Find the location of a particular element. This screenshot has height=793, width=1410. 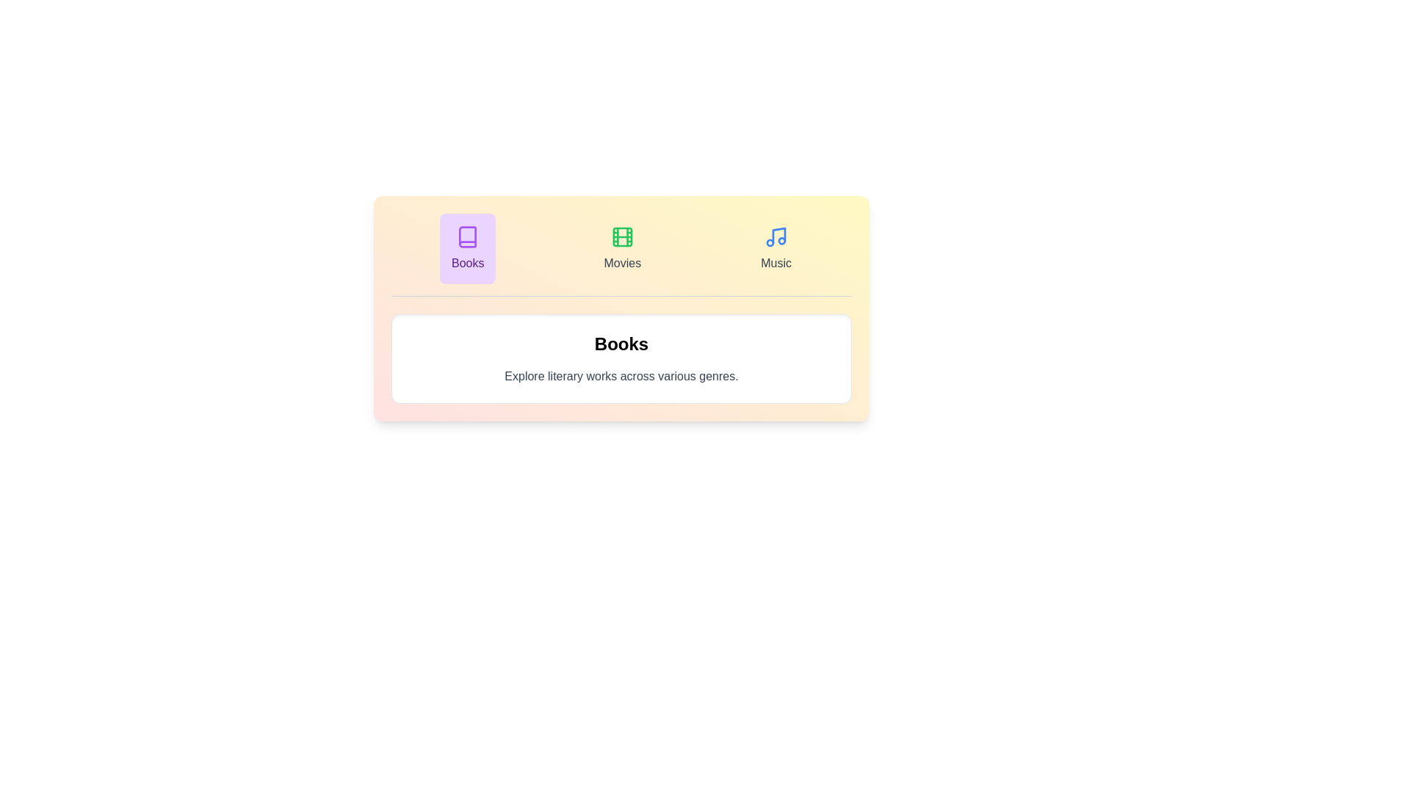

the 'Movies' tab to activate it is located at coordinates (622, 248).